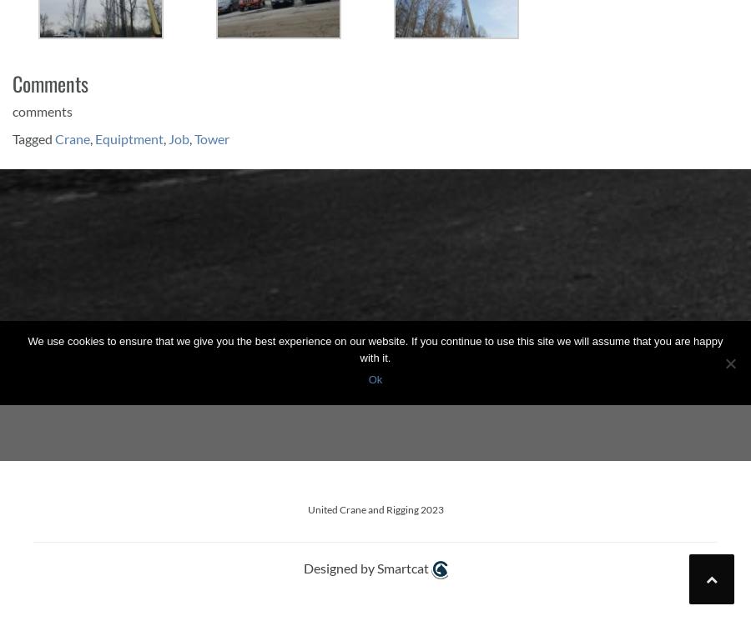 This screenshot has width=751, height=631. Describe the element at coordinates (12, 82) in the screenshot. I see `'Comments'` at that location.